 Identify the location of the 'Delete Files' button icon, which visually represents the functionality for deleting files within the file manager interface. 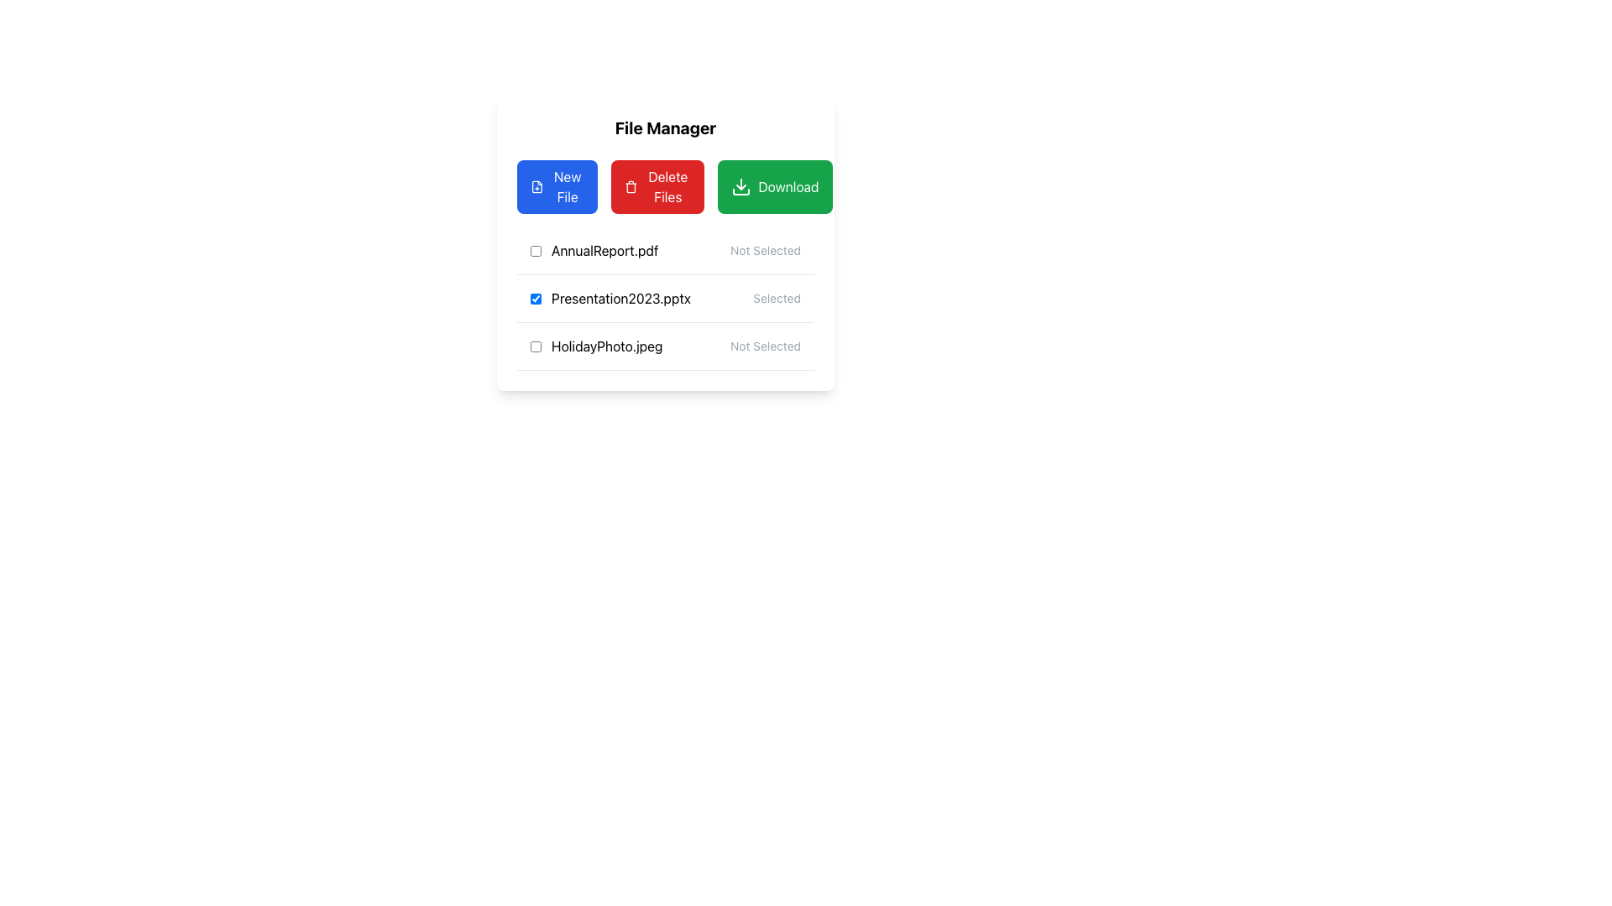
(631, 187).